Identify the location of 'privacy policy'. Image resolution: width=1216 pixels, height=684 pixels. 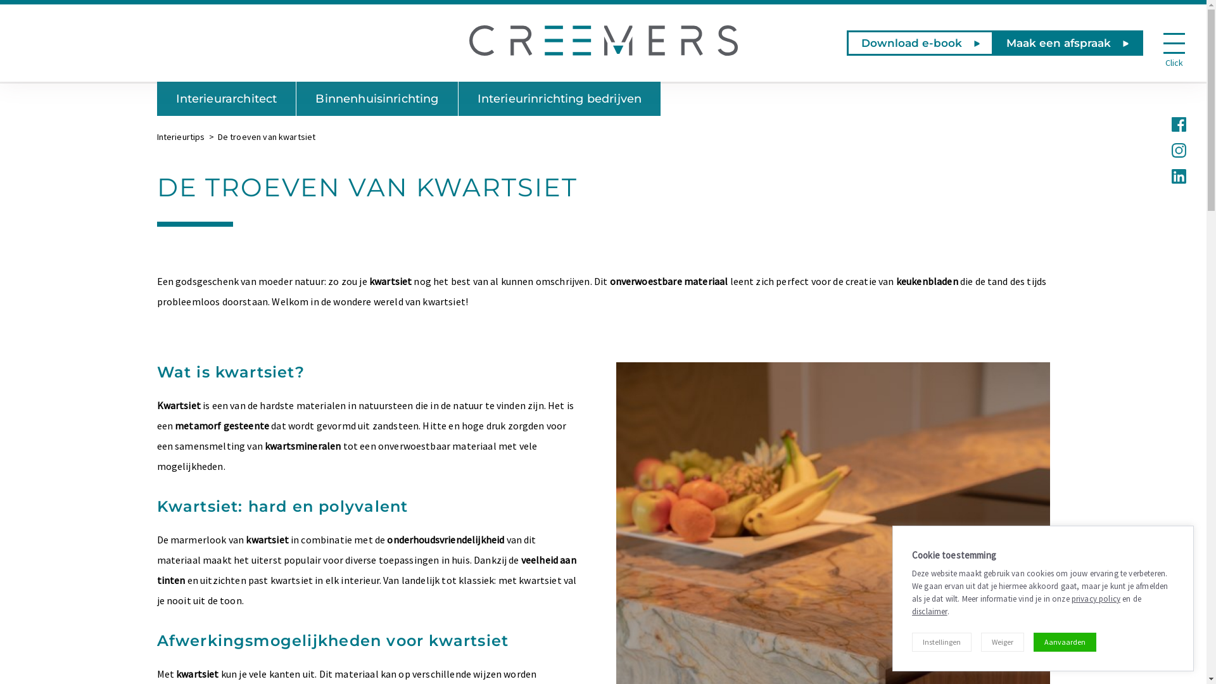
(1070, 598).